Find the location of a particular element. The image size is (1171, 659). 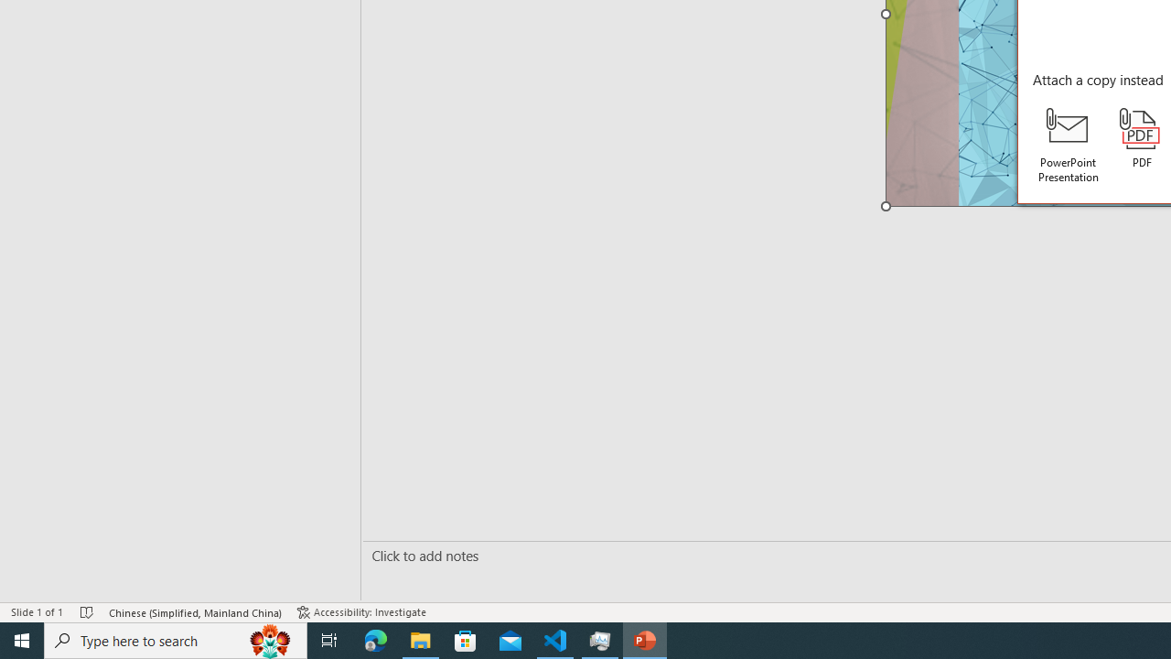

'PDF' is located at coordinates (1141, 137).